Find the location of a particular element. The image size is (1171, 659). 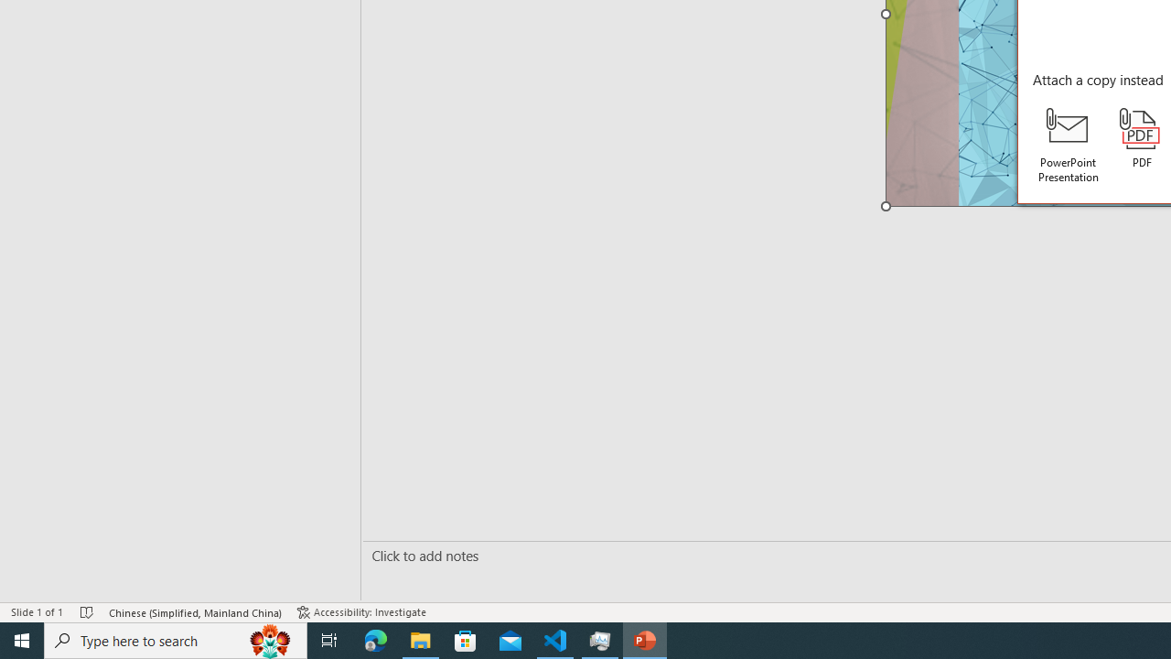

'PDF' is located at coordinates (1141, 137).